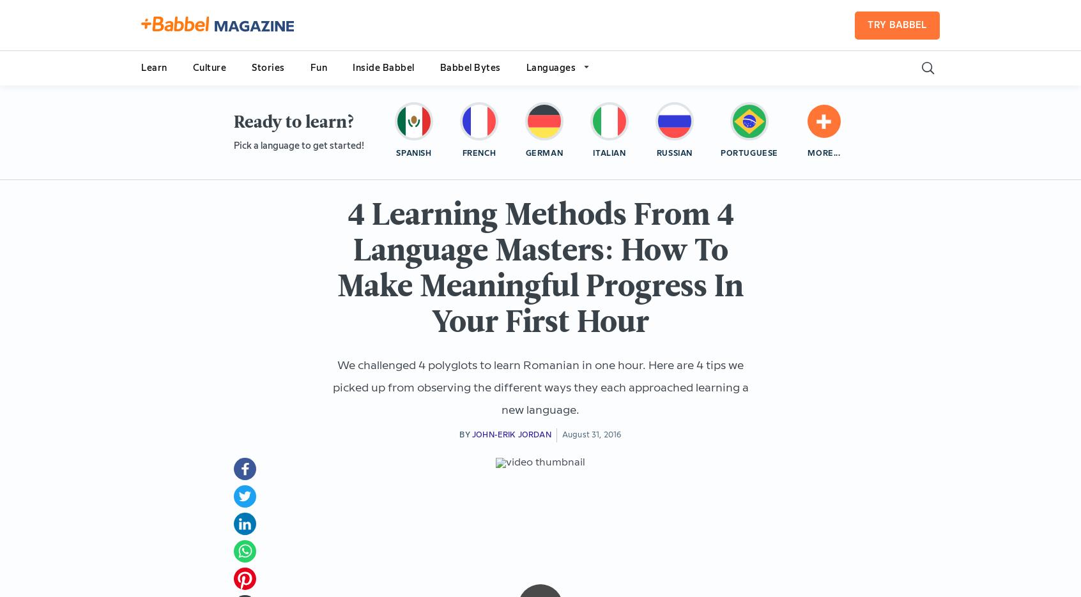 The height and width of the screenshot is (597, 1081). What do you see at coordinates (591, 434) in the screenshot?
I see `'August 31, 2016'` at bounding box center [591, 434].